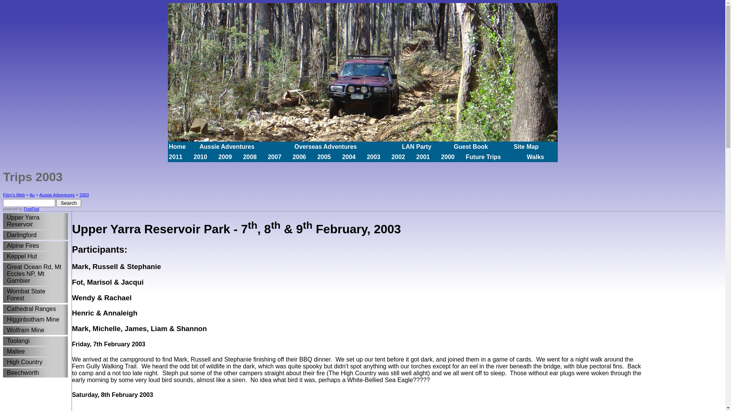 The width and height of the screenshot is (731, 411). What do you see at coordinates (33, 352) in the screenshot?
I see `'Mallee'` at bounding box center [33, 352].